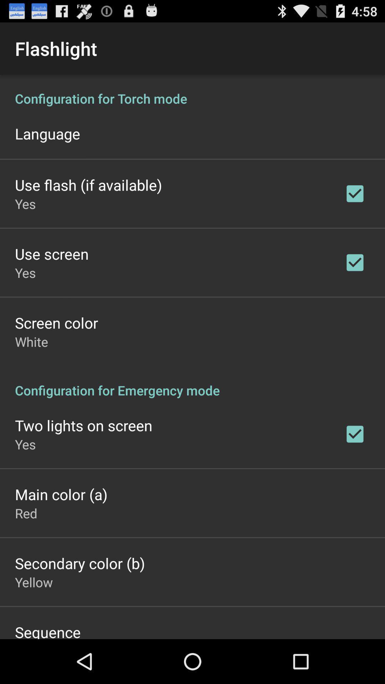  I want to click on icon below main color (a), so click(26, 513).